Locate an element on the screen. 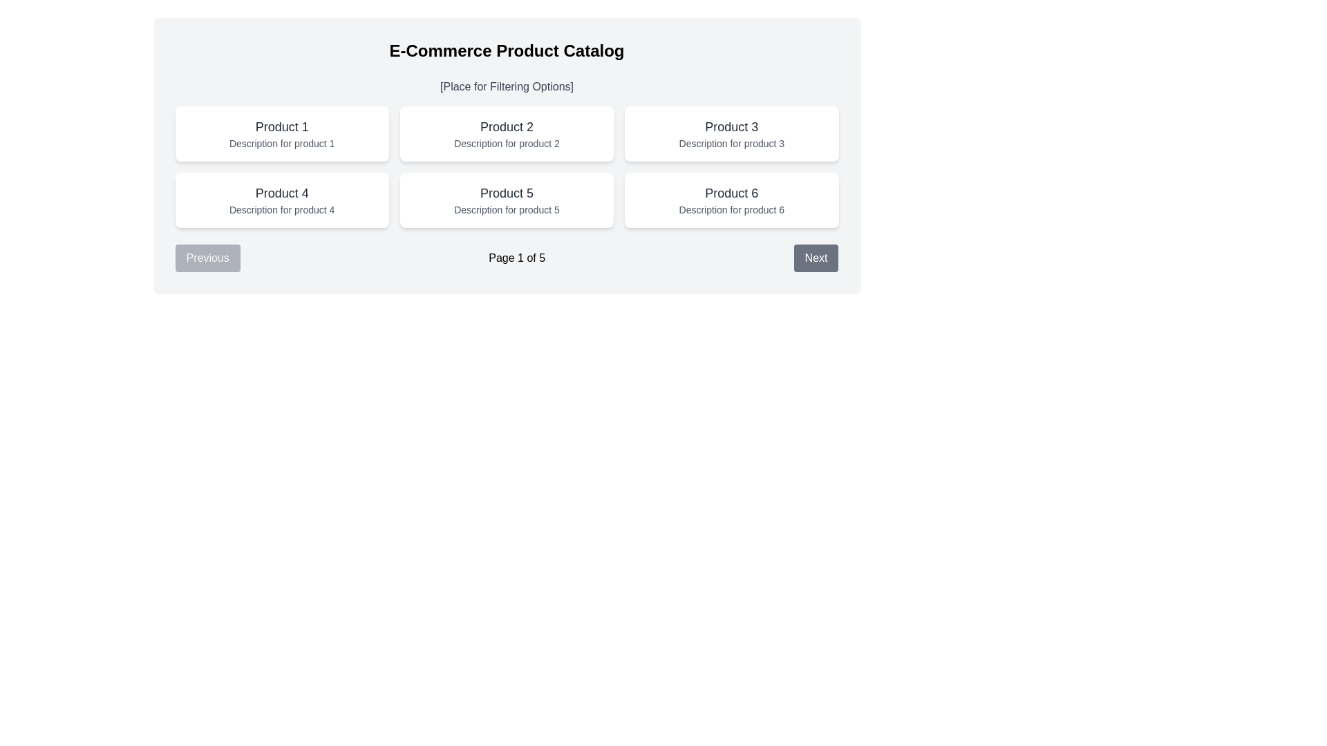 This screenshot has width=1327, height=746. the large, bold text label stating 'E-Commerce Product Catalog' located near the top center of the layout is located at coordinates (506, 50).